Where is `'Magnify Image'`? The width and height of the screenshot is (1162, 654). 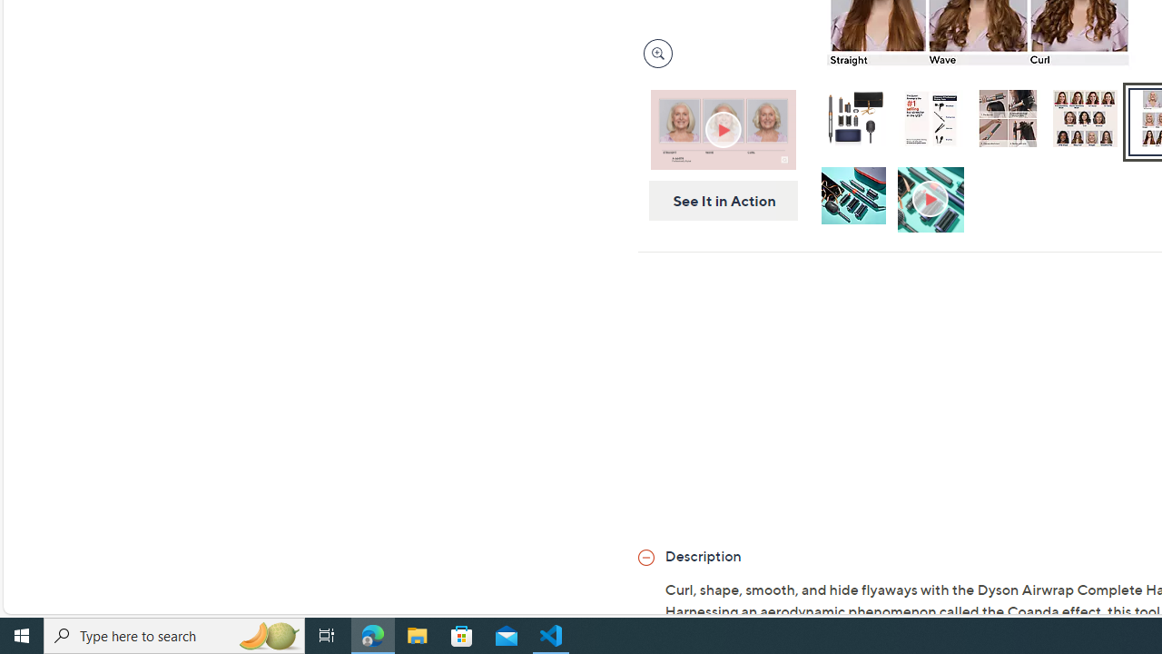 'Magnify Image' is located at coordinates (656, 52).